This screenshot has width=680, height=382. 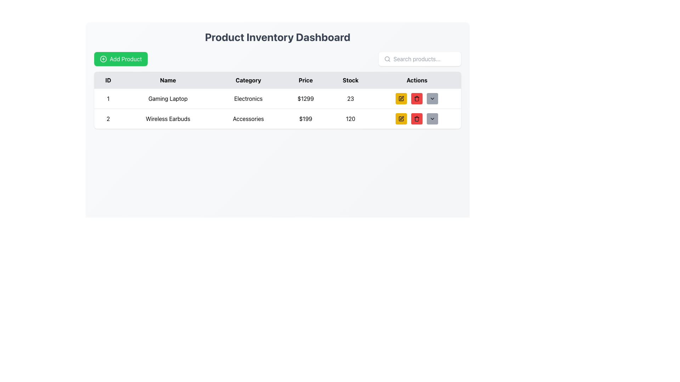 I want to click on the Text Display element that shows the numeral '1', which is located in the first column of the first row of a table under the 'ID' header, immediately to the left of 'Gaming Laptop', so click(x=108, y=99).